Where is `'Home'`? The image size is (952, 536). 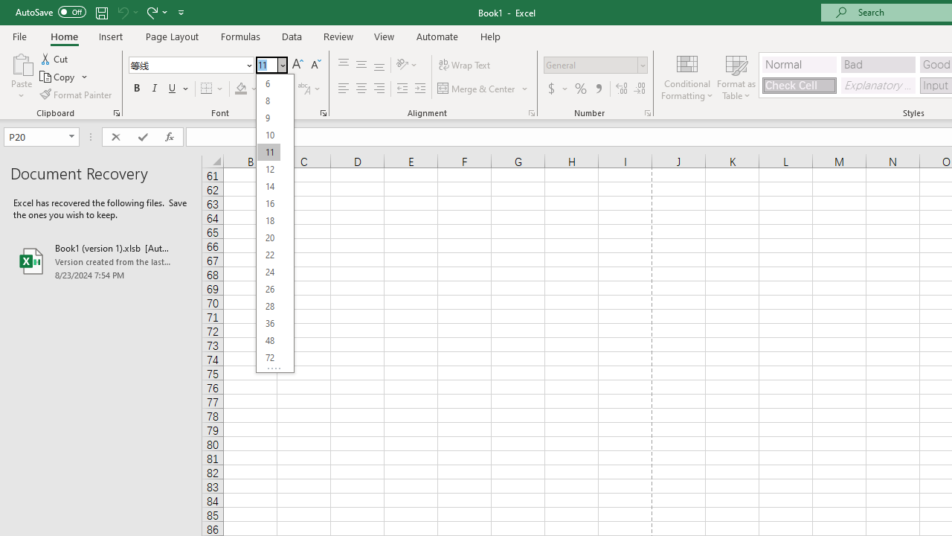 'Home' is located at coordinates (63, 36).